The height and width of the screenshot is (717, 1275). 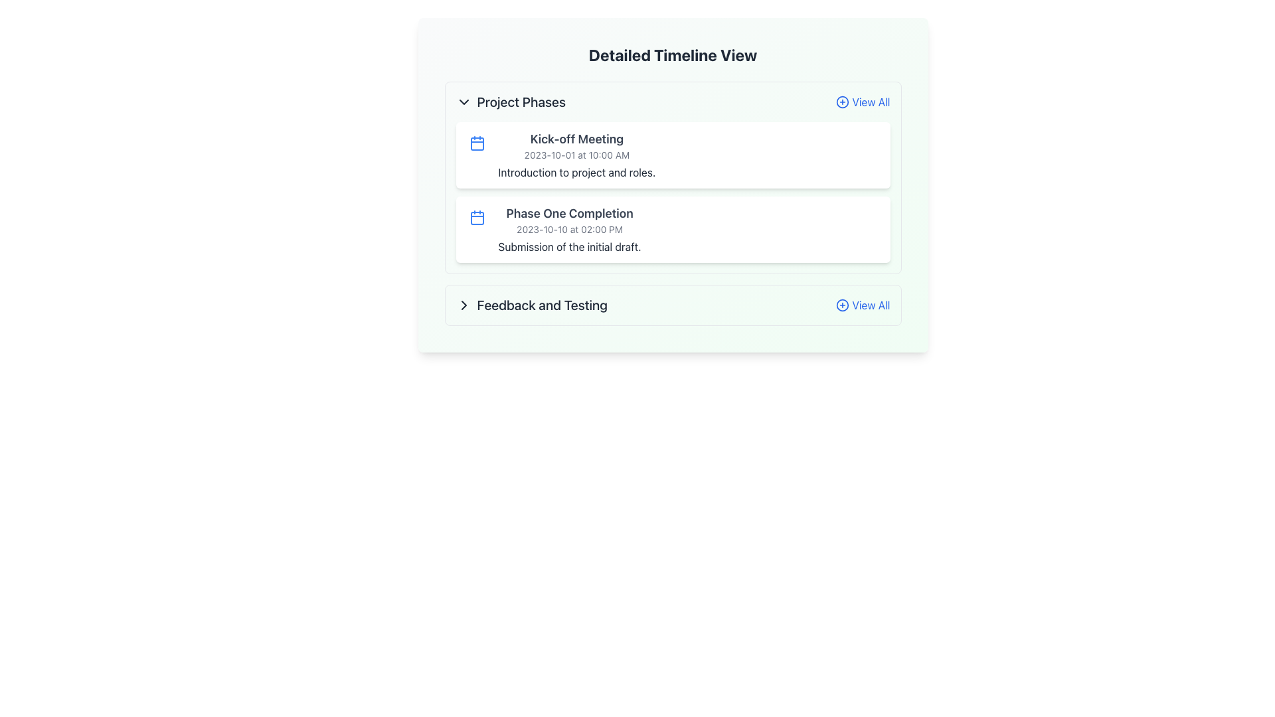 I want to click on contents of the static informational block labeled 'Phase One Completion', which includes the date '2023-10-10 at 02:00 PM' and details about 'Submission of the initial draft', so click(x=570, y=229).